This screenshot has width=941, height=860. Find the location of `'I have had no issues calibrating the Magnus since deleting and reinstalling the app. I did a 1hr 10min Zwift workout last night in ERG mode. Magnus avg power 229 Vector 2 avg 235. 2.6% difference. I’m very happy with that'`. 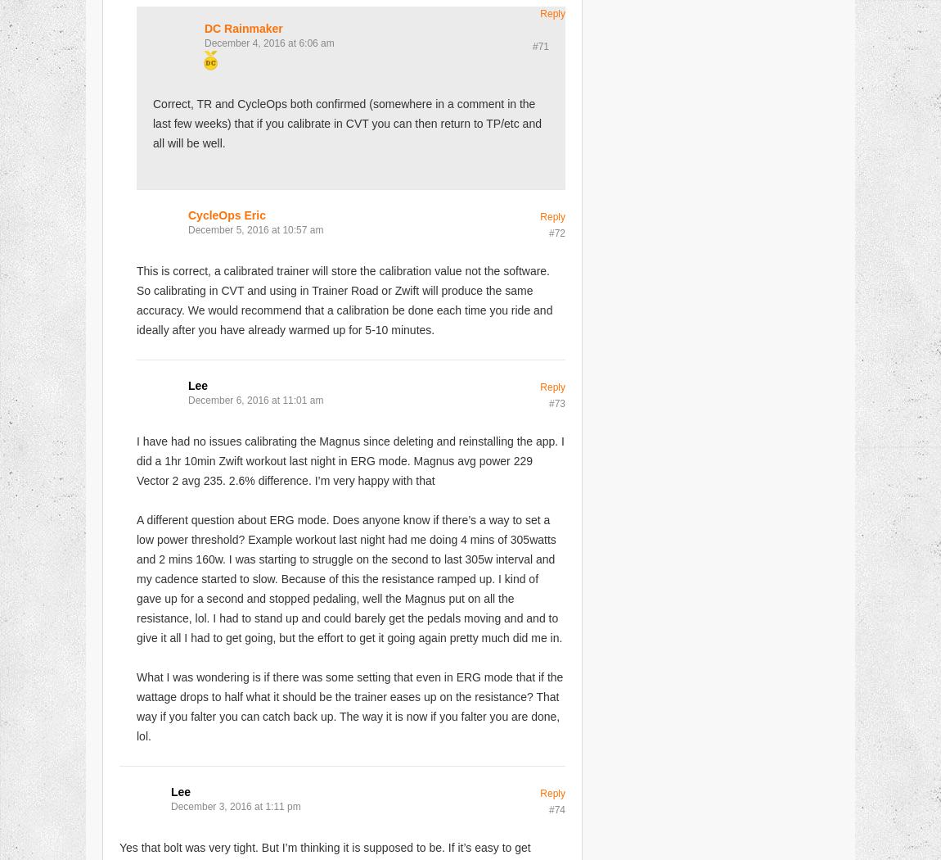

'I have had no issues calibrating the Magnus since deleting and reinstalling the app. I did a 1hr 10min Zwift workout last night in ERG mode. Magnus avg power 229 Vector 2 avg 235. 2.6% difference. I’m very happy with that' is located at coordinates (350, 459).